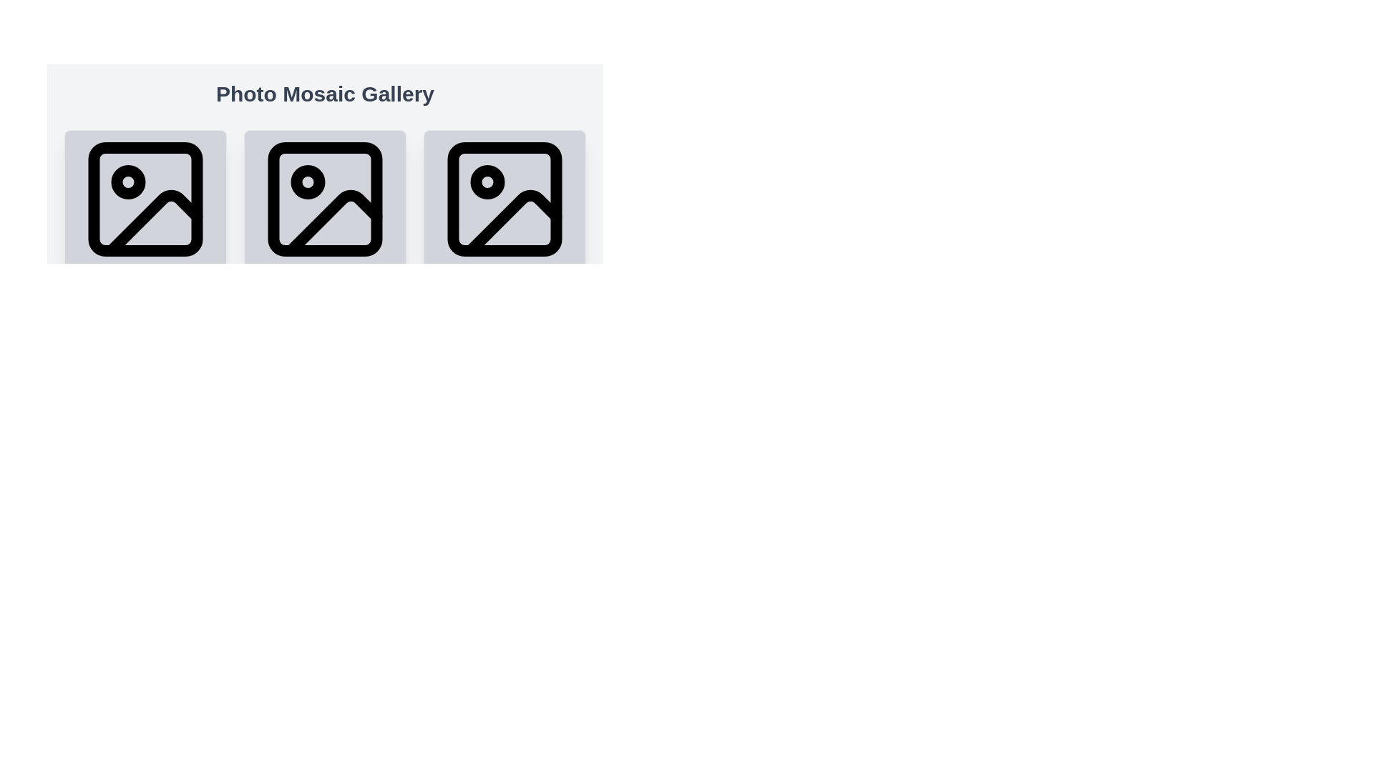 Image resolution: width=1374 pixels, height=772 pixels. I want to click on the SVG Circle element located within the second image icon in the gallery layout by clicking on its center, so click(487, 181).